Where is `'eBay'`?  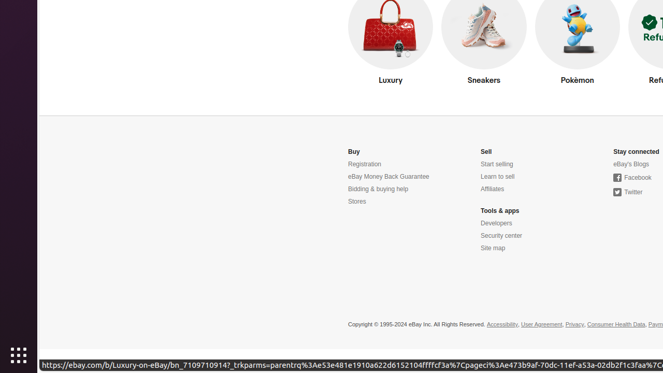
'eBay' is located at coordinates (630, 164).